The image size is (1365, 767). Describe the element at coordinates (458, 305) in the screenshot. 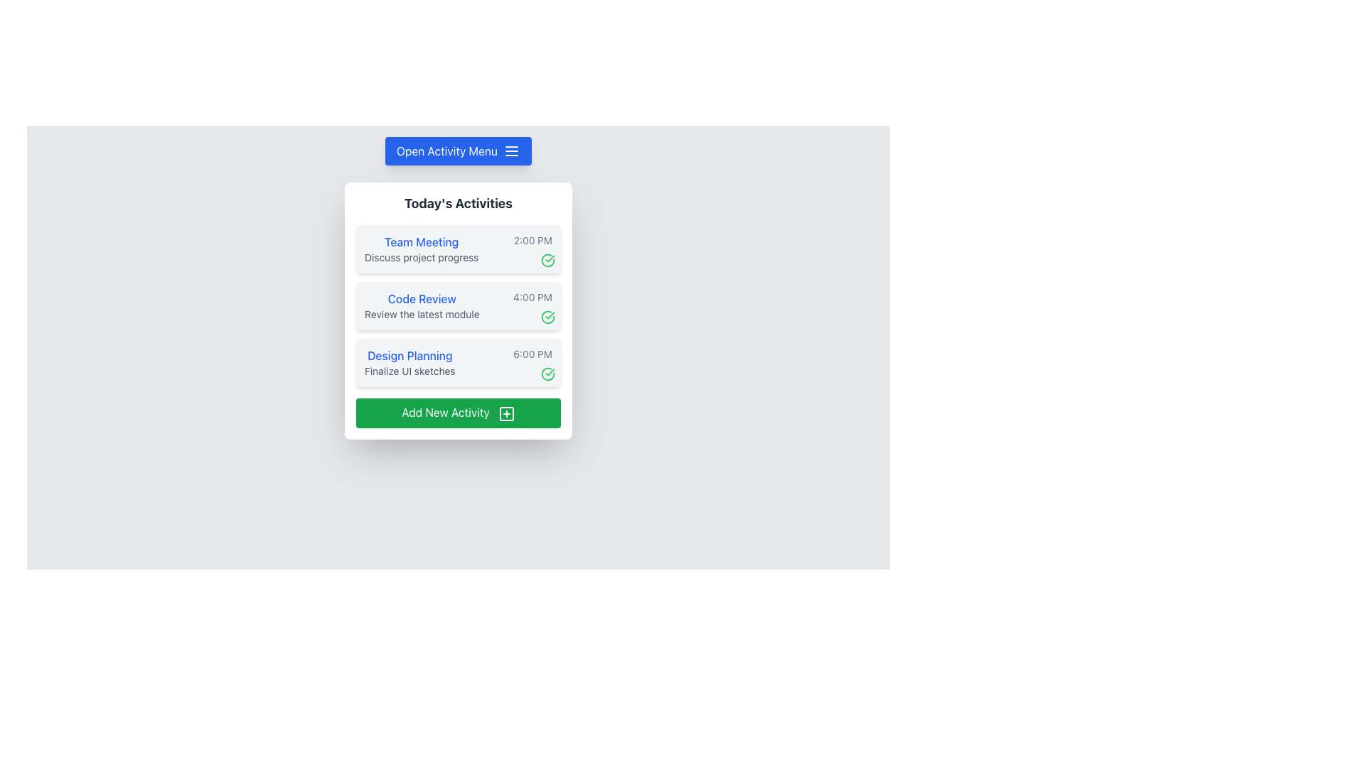

I see `the List Item titled 'Code Review' scheduled for '4:00 PM'` at that location.